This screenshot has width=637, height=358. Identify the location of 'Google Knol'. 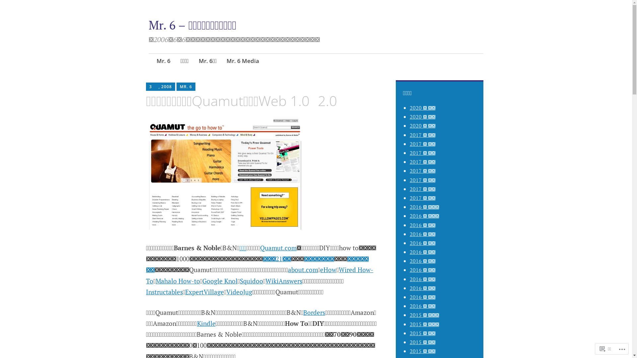
(220, 281).